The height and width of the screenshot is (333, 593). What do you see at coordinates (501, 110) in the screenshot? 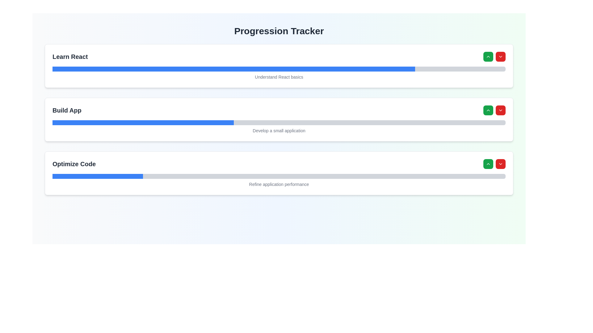
I see `the red button with rounded corners and a chevron-down icon, located to the right of a green button with an upward chevron icon` at bounding box center [501, 110].